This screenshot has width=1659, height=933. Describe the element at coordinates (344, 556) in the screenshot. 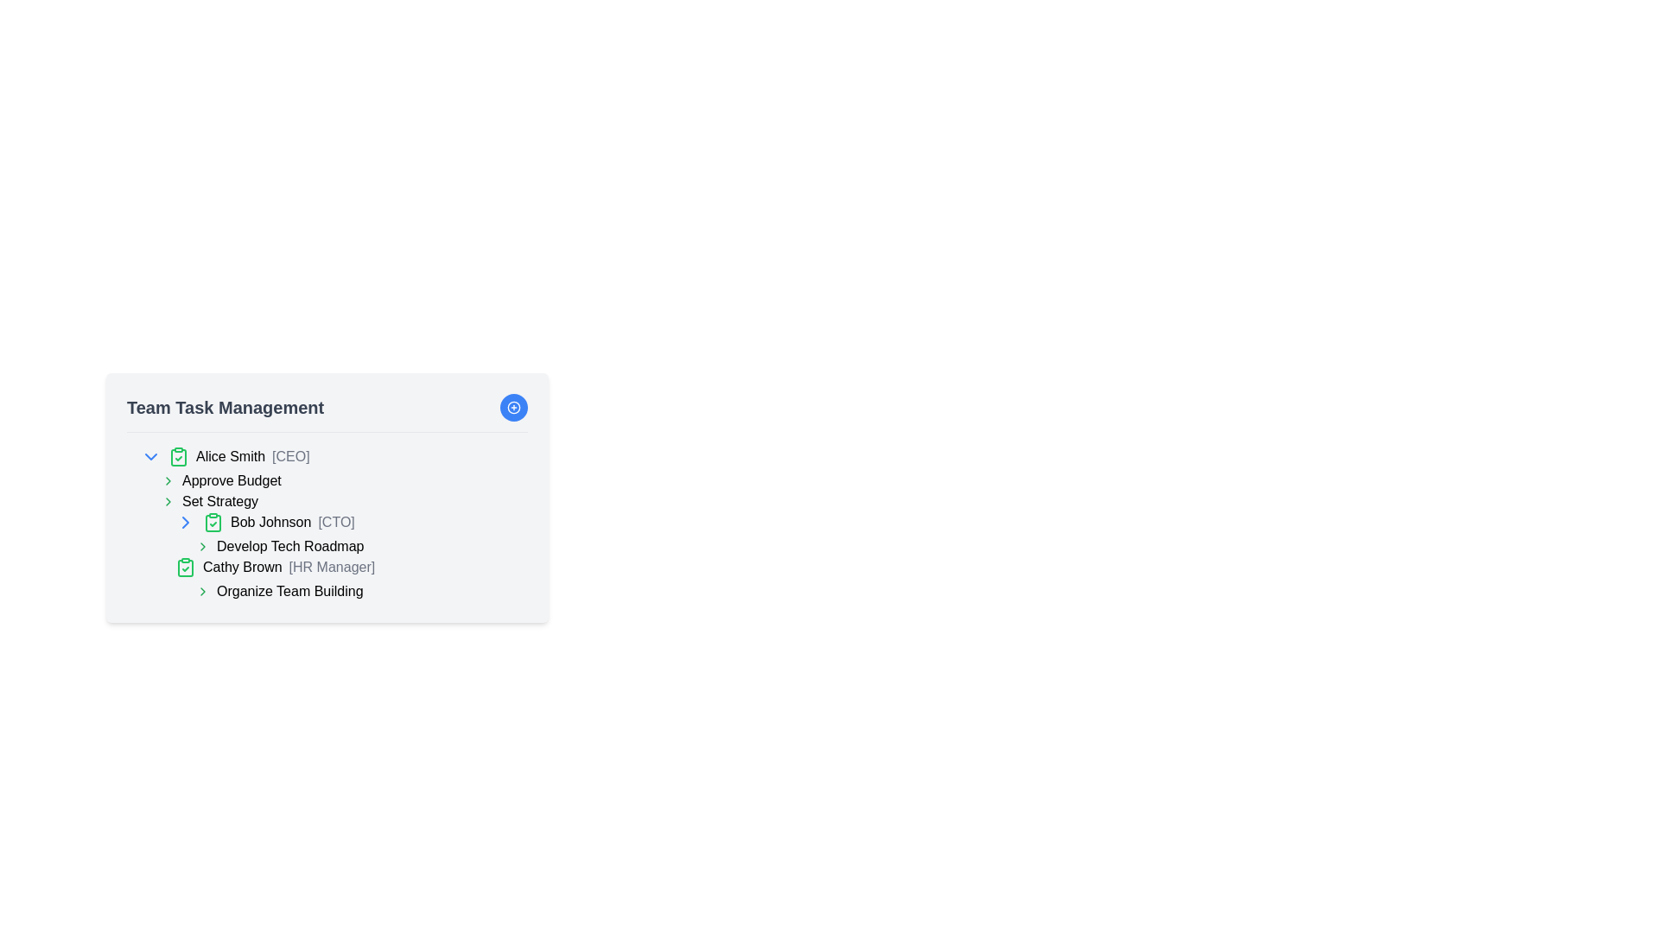

I see `the task text in the group of informative text and icons located under the 'Set Strategy' section, directly below the 'Bob Johnson [CTO]' node` at that location.